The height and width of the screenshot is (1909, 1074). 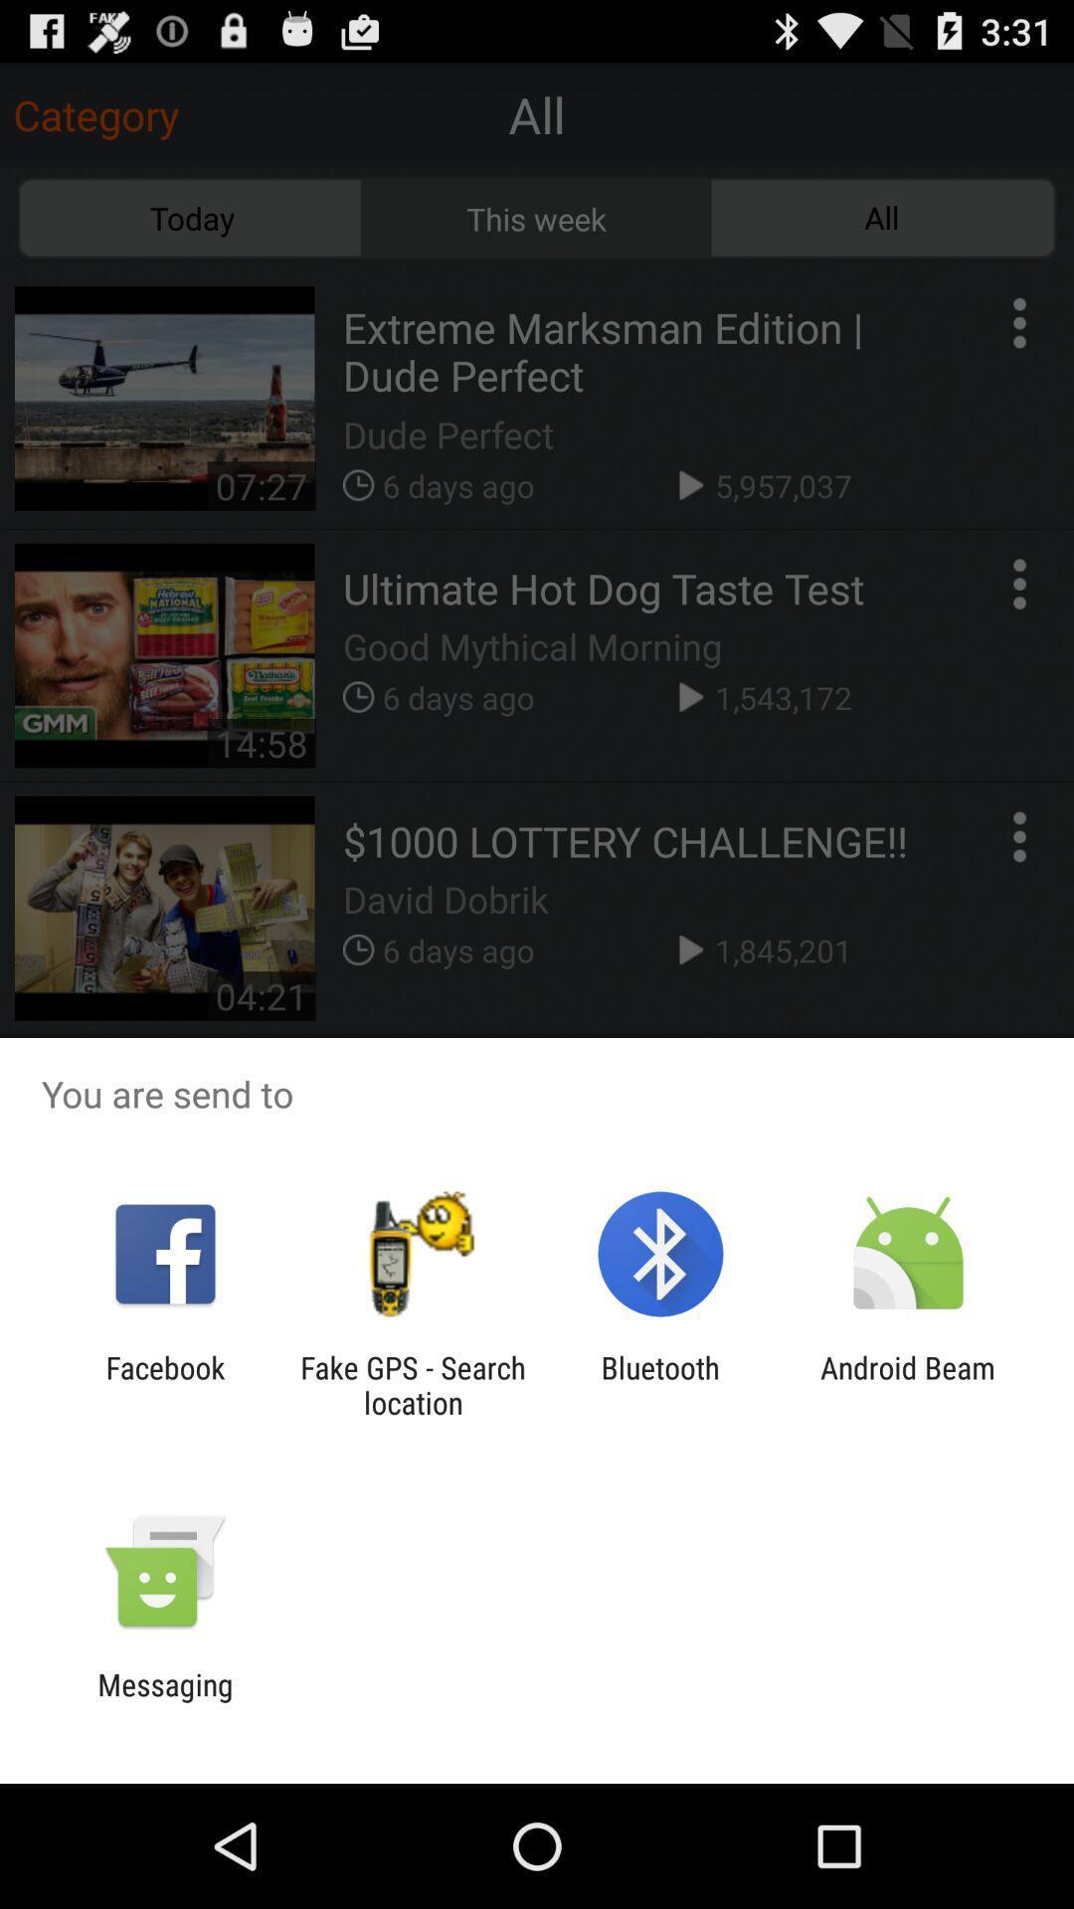 What do you see at coordinates (164, 1384) in the screenshot?
I see `app next to fake gps search` at bounding box center [164, 1384].